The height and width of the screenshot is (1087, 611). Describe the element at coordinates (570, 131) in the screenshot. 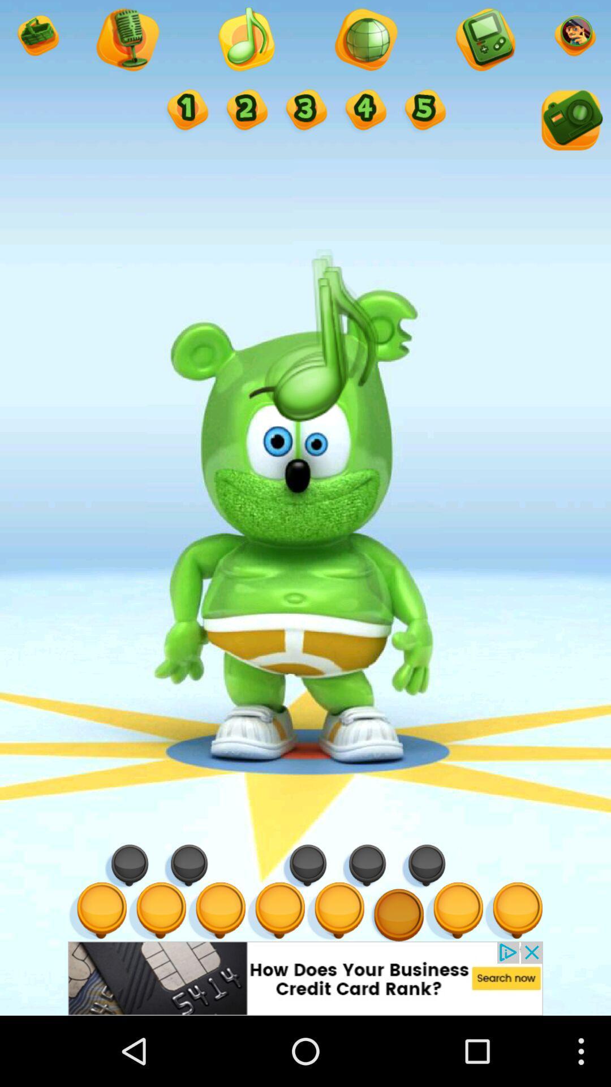

I see `the photo icon` at that location.